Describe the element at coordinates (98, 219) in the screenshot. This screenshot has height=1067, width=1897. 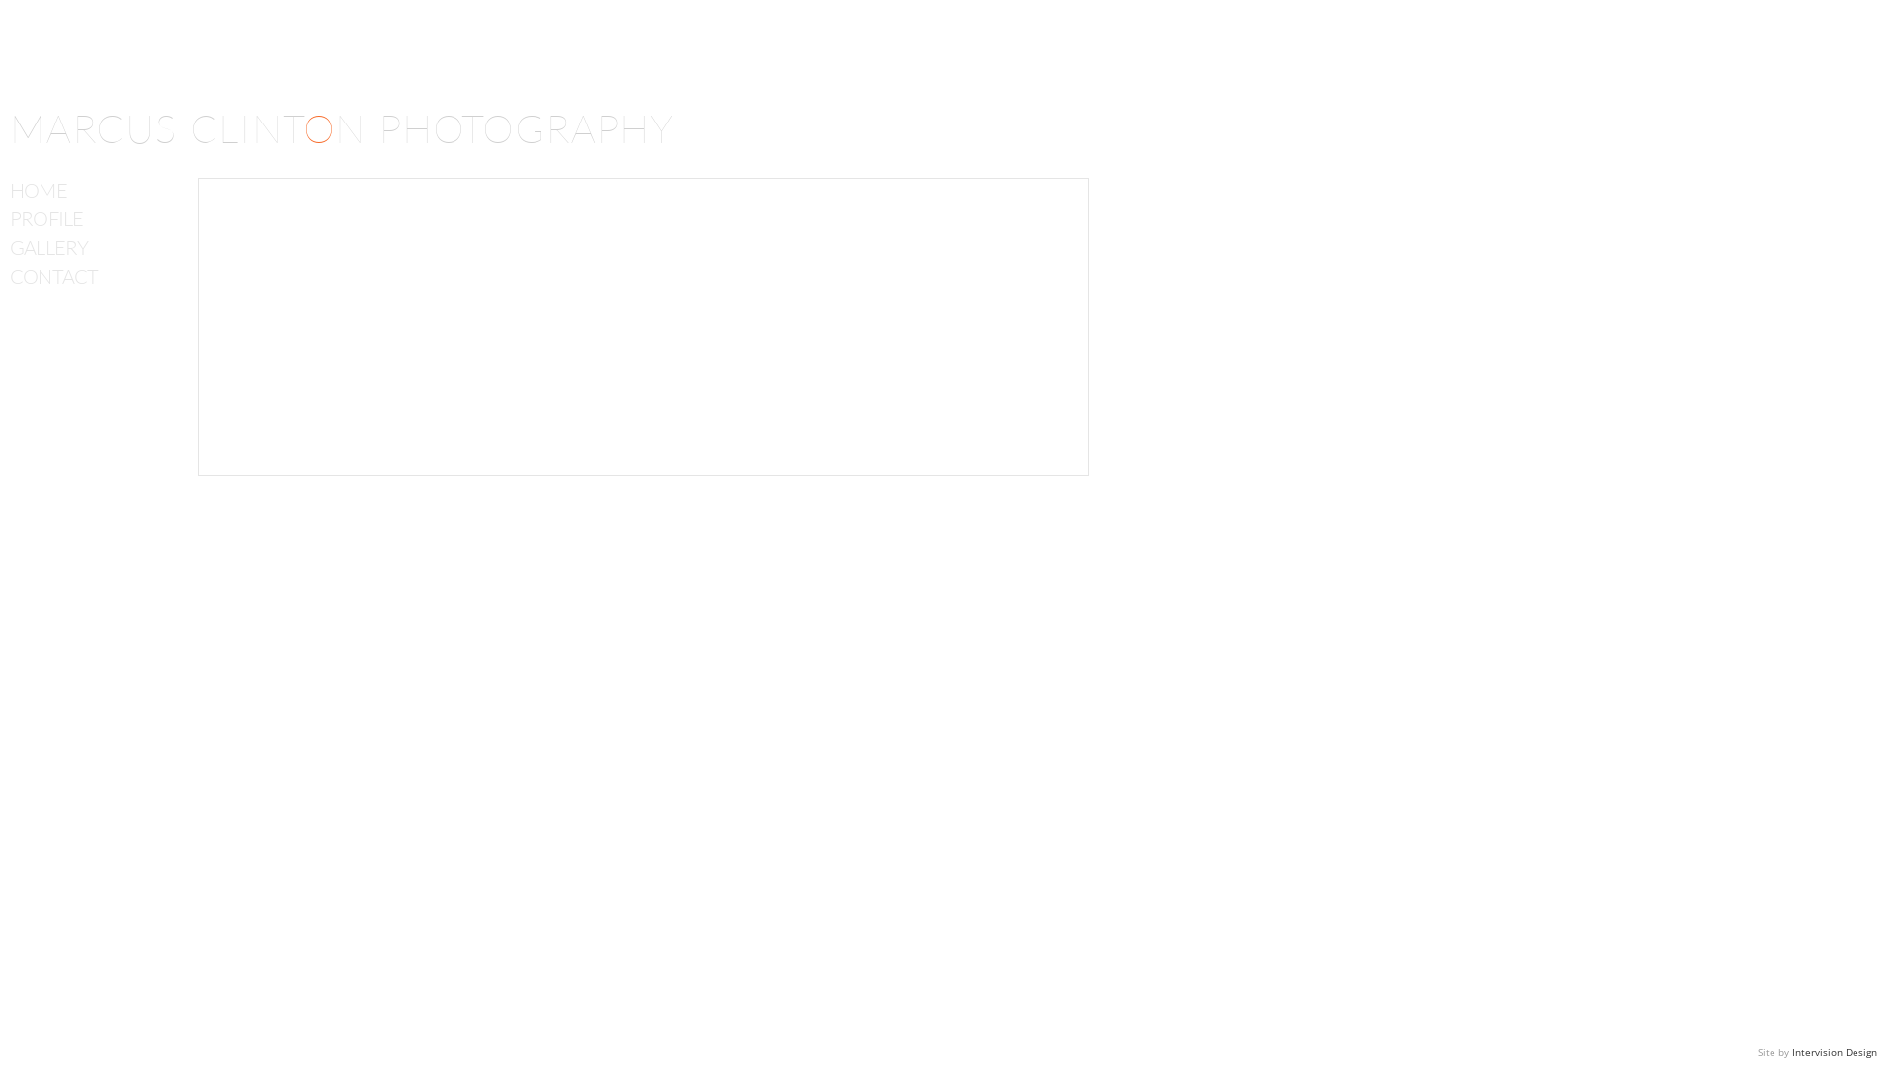
I see `'PROFILE'` at that location.